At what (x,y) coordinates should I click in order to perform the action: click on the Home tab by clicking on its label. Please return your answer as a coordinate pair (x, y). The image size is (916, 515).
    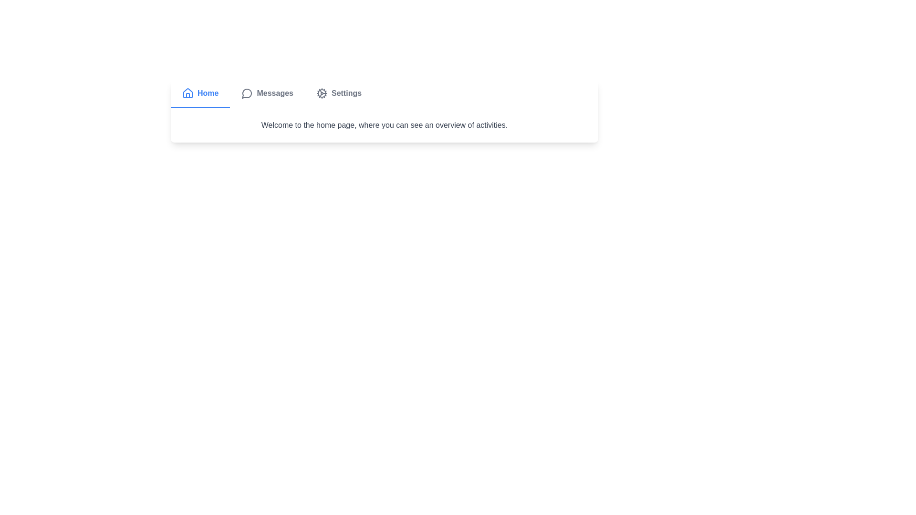
    Looking at the image, I should click on (200, 93).